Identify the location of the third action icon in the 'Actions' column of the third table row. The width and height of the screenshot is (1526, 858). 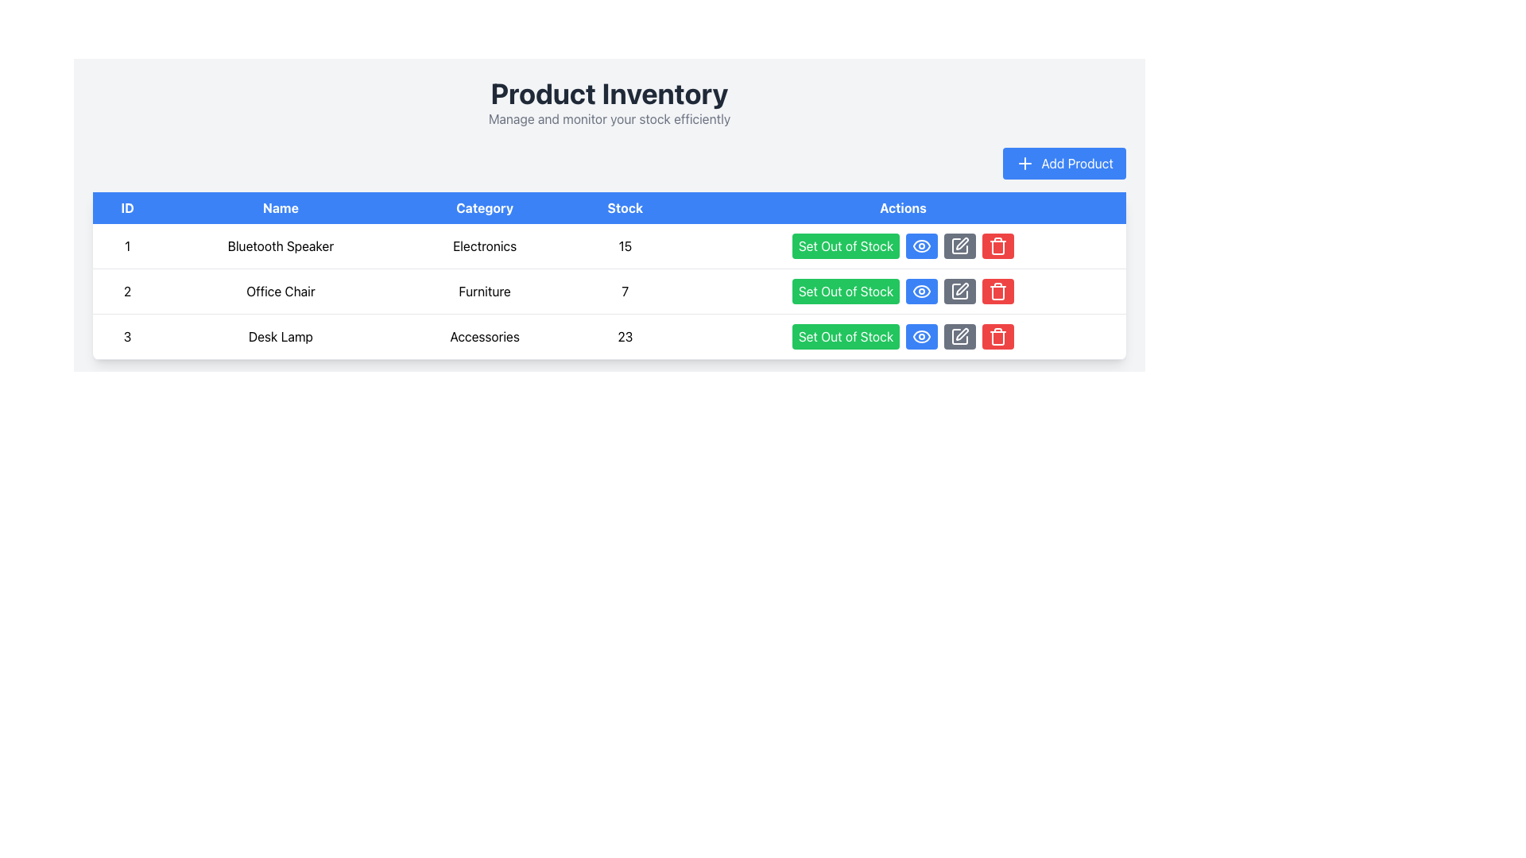
(959, 336).